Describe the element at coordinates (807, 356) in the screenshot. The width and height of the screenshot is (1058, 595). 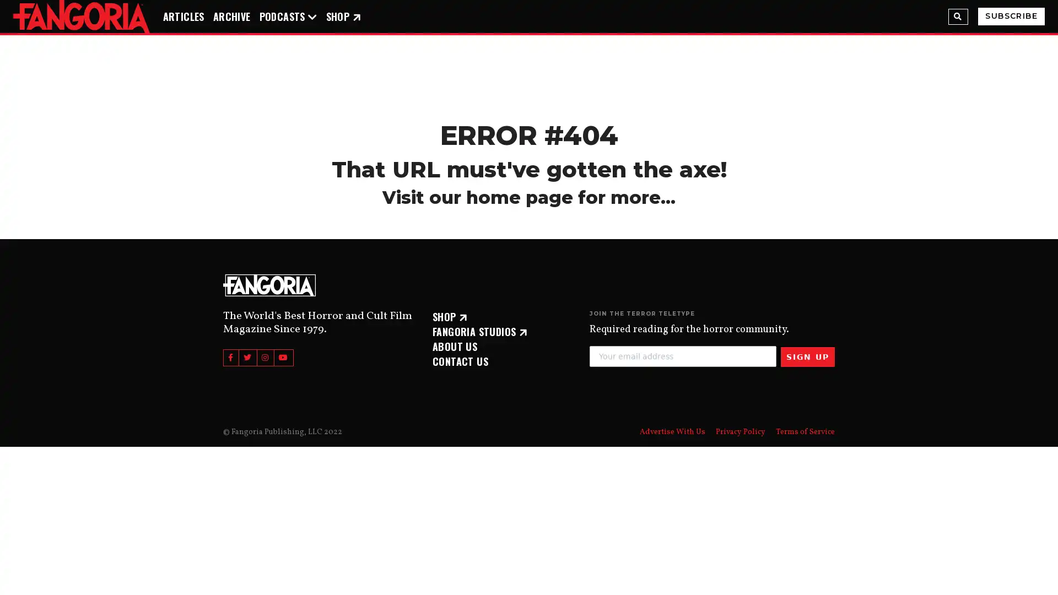
I see `SIGN UP` at that location.